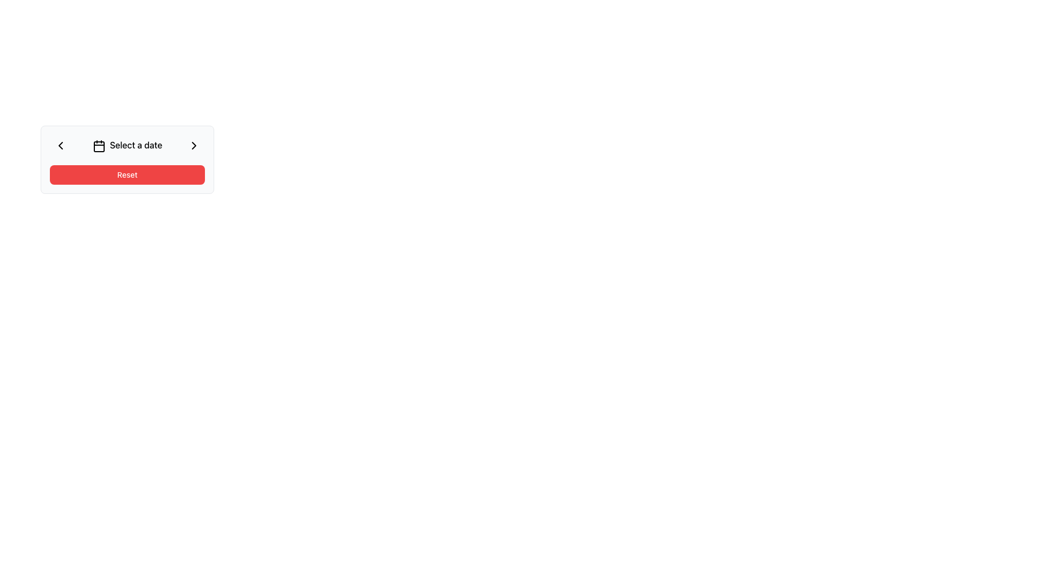 The image size is (1041, 585). Describe the element at coordinates (99, 145) in the screenshot. I see `the calendar icon, which is represented by an outlined square with a double vertical line at the top, located to the left of the text 'Select a date'` at that location.